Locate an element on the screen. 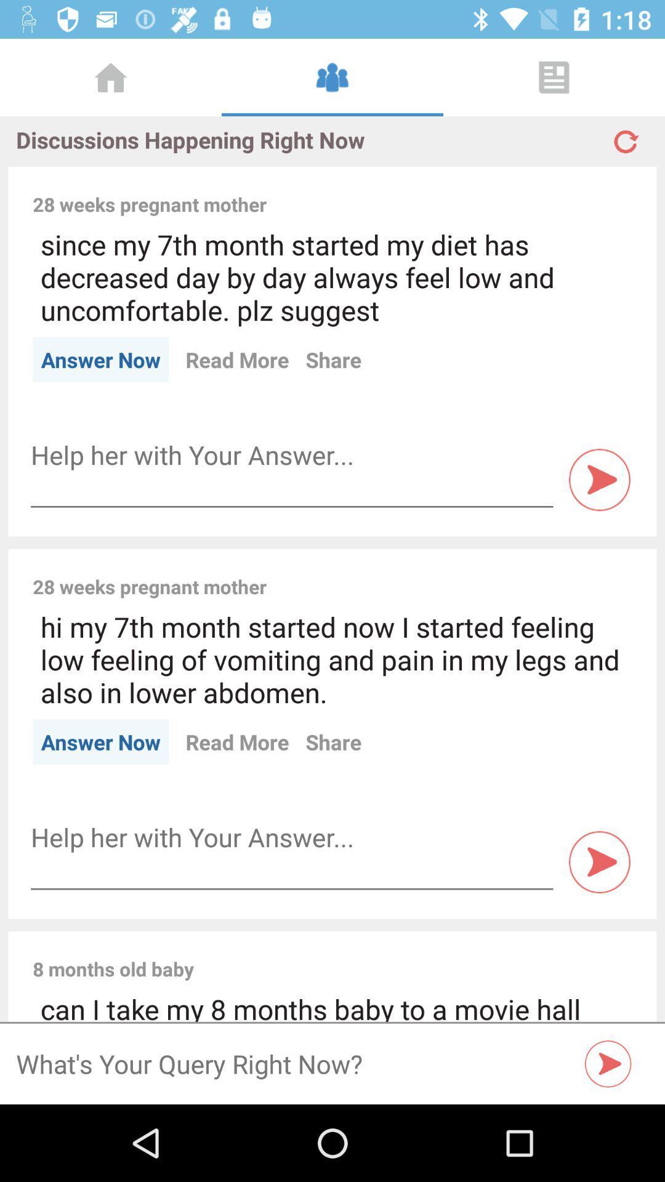 This screenshot has width=665, height=1182. the icon above the since my 7th item is located at coordinates (457, 190).